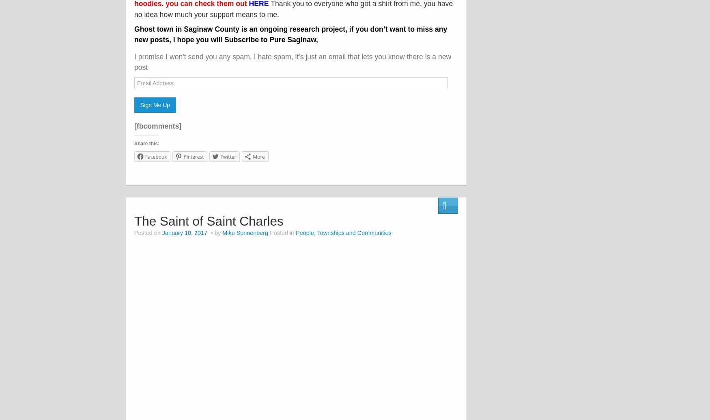  Describe the element at coordinates (208, 220) in the screenshot. I see `'The Saint of Saint Charles'` at that location.